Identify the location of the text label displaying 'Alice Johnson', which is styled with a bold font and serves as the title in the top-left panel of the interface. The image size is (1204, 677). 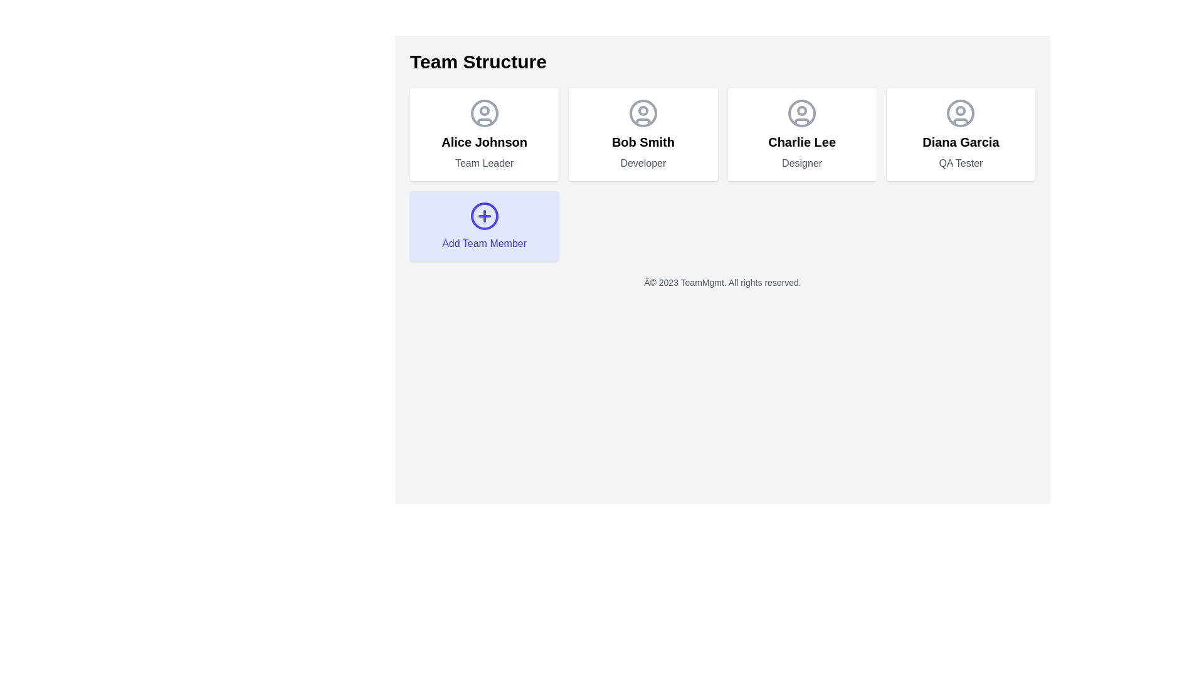
(483, 142).